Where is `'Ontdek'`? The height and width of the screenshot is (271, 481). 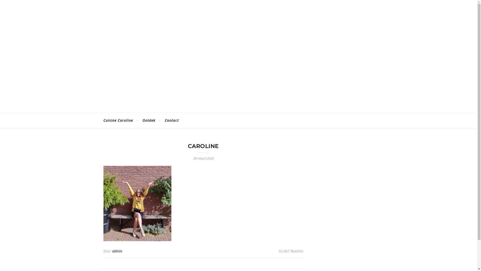 'Ontdek' is located at coordinates (149, 120).